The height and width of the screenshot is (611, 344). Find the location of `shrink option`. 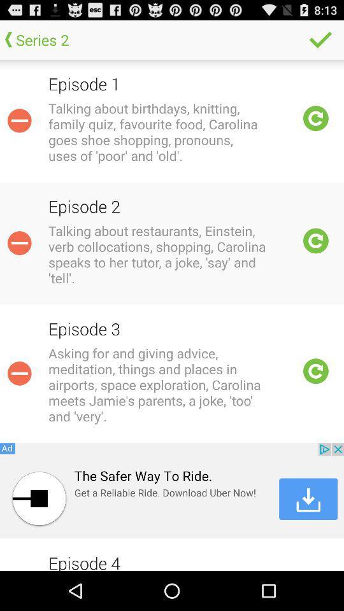

shrink option is located at coordinates (18, 242).